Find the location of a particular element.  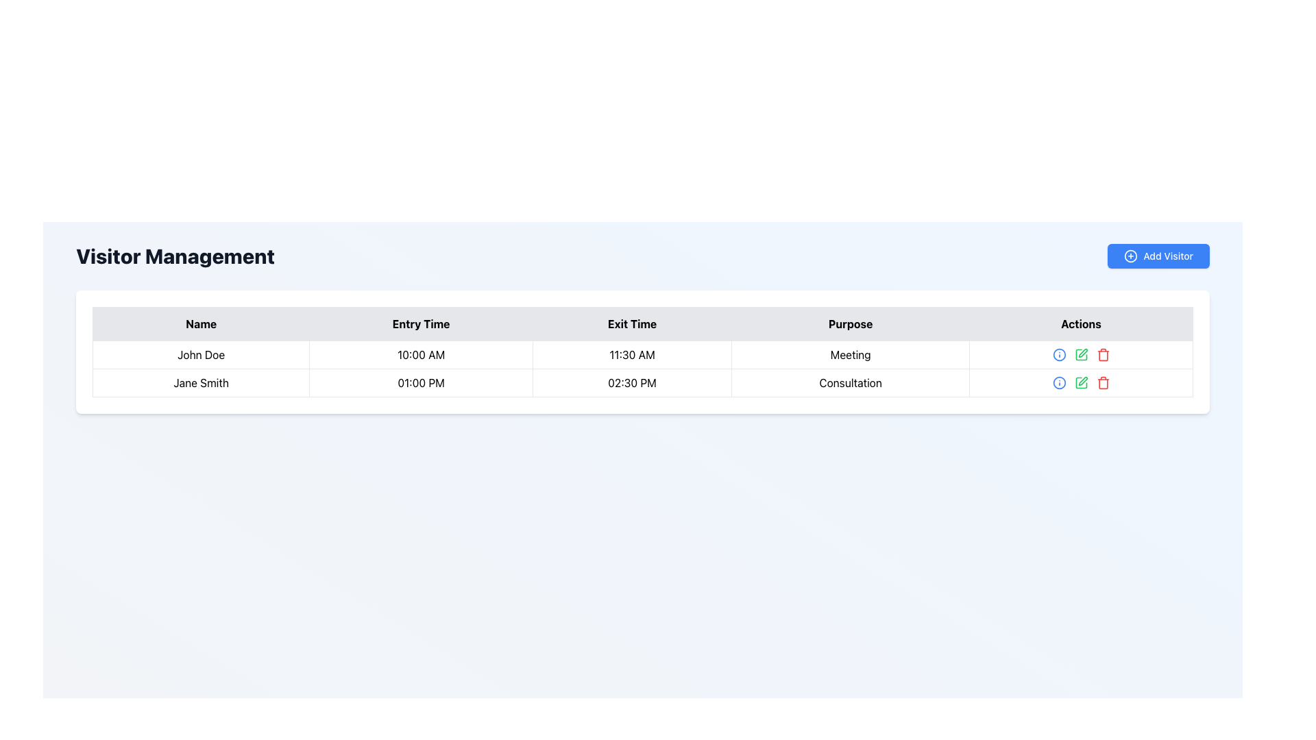

the circular information icon with a blue outline and white filling, located is located at coordinates (1058, 354).